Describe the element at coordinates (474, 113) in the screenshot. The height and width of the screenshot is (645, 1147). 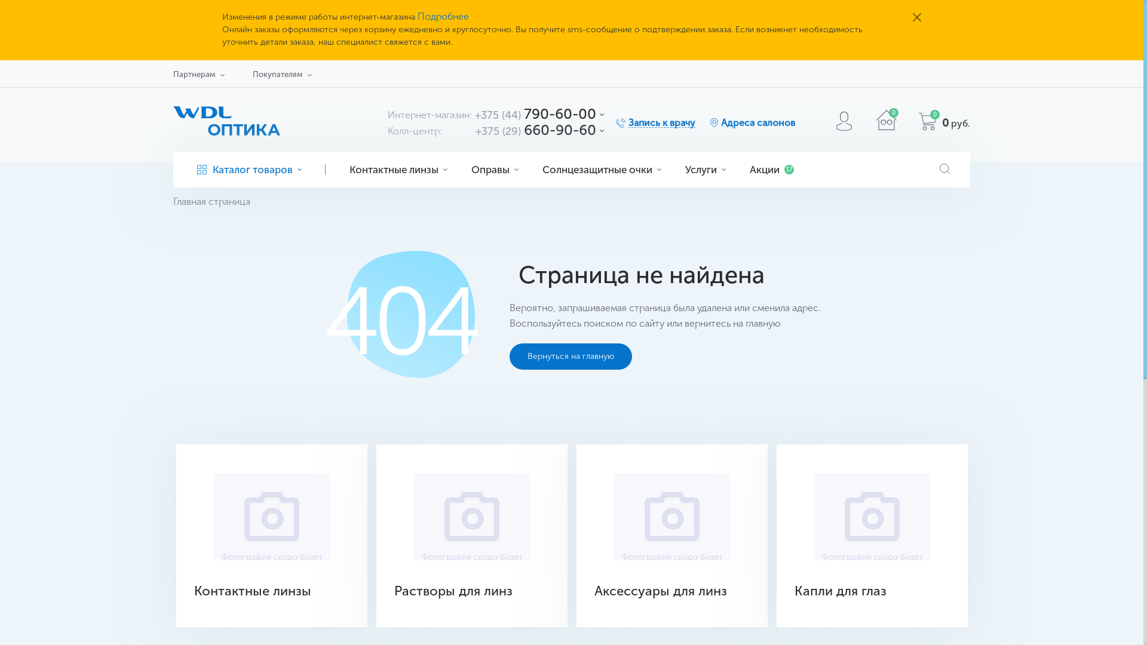
I see `'+375 (44) 790-60-00'` at that location.